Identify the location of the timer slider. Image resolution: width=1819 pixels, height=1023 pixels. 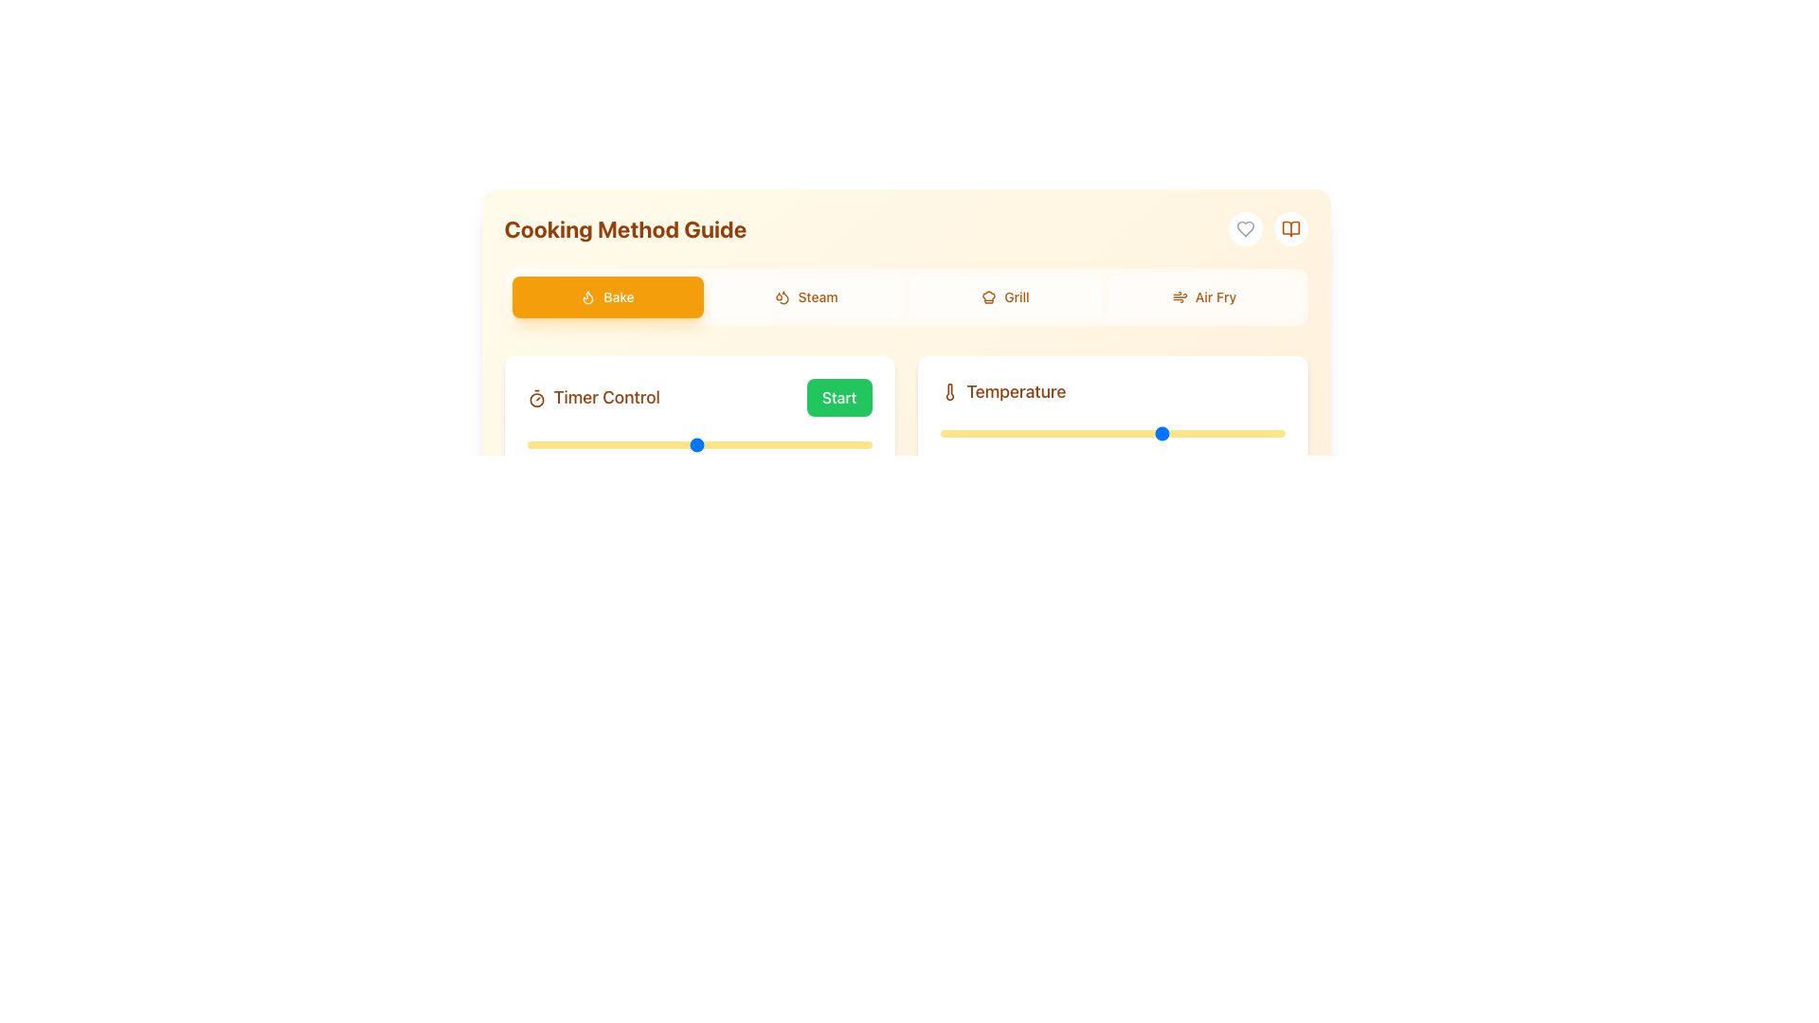
(614, 445).